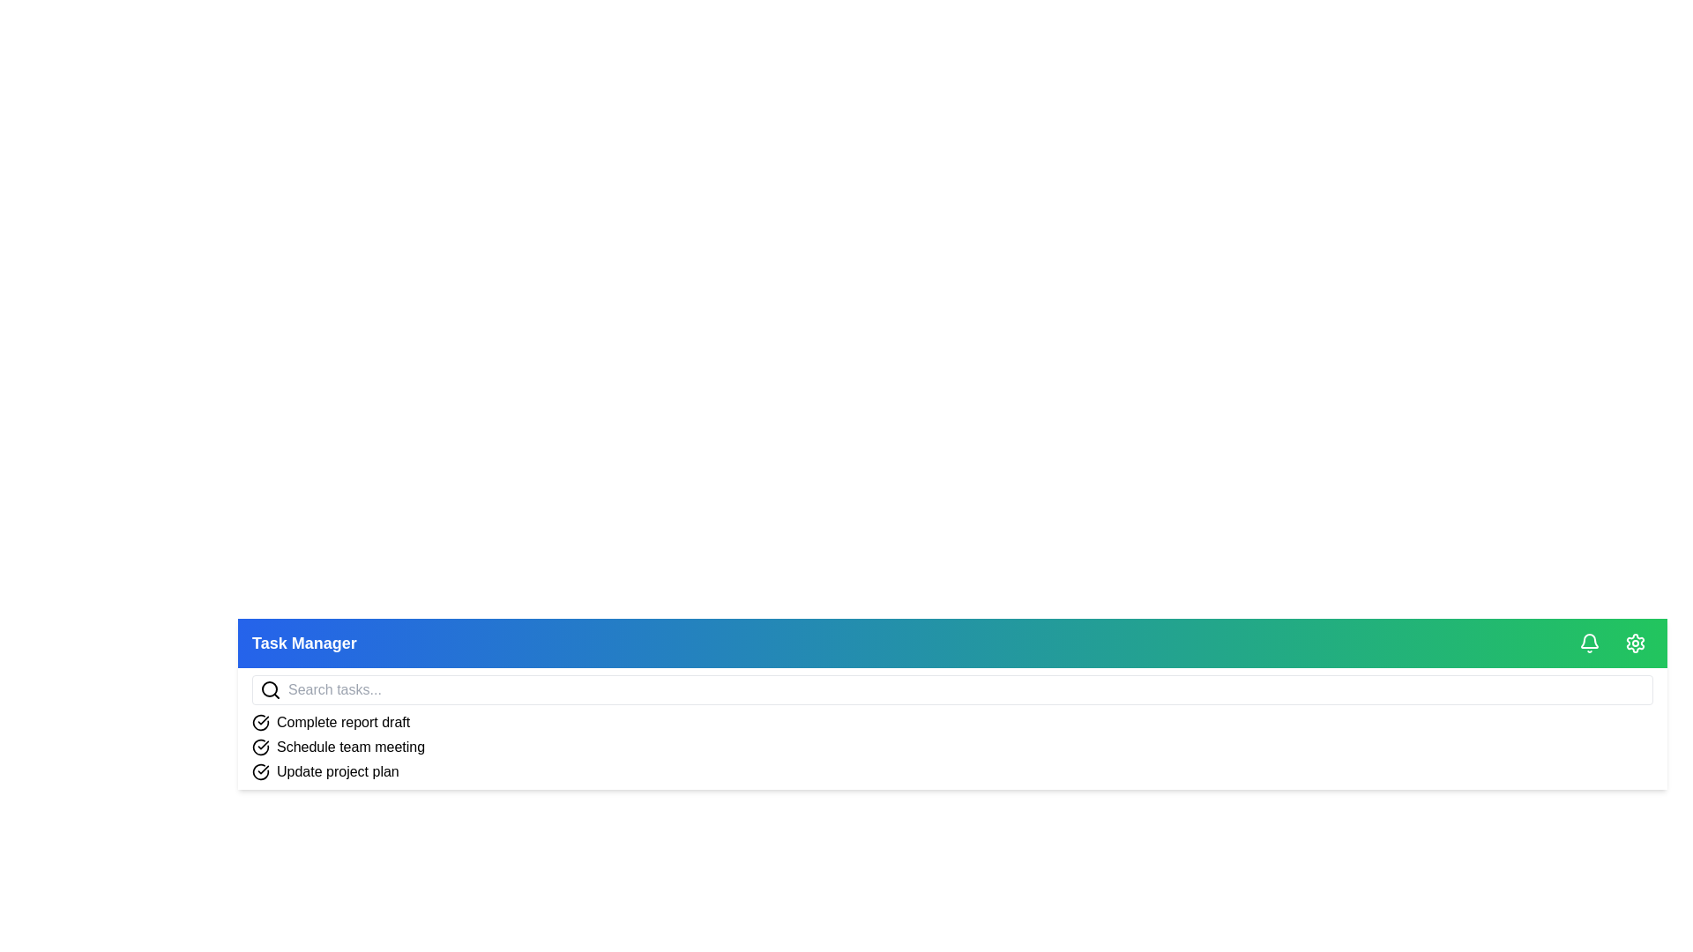 The height and width of the screenshot is (952, 1693). Describe the element at coordinates (962, 689) in the screenshot. I see `the search bar and type the query 'example query'` at that location.